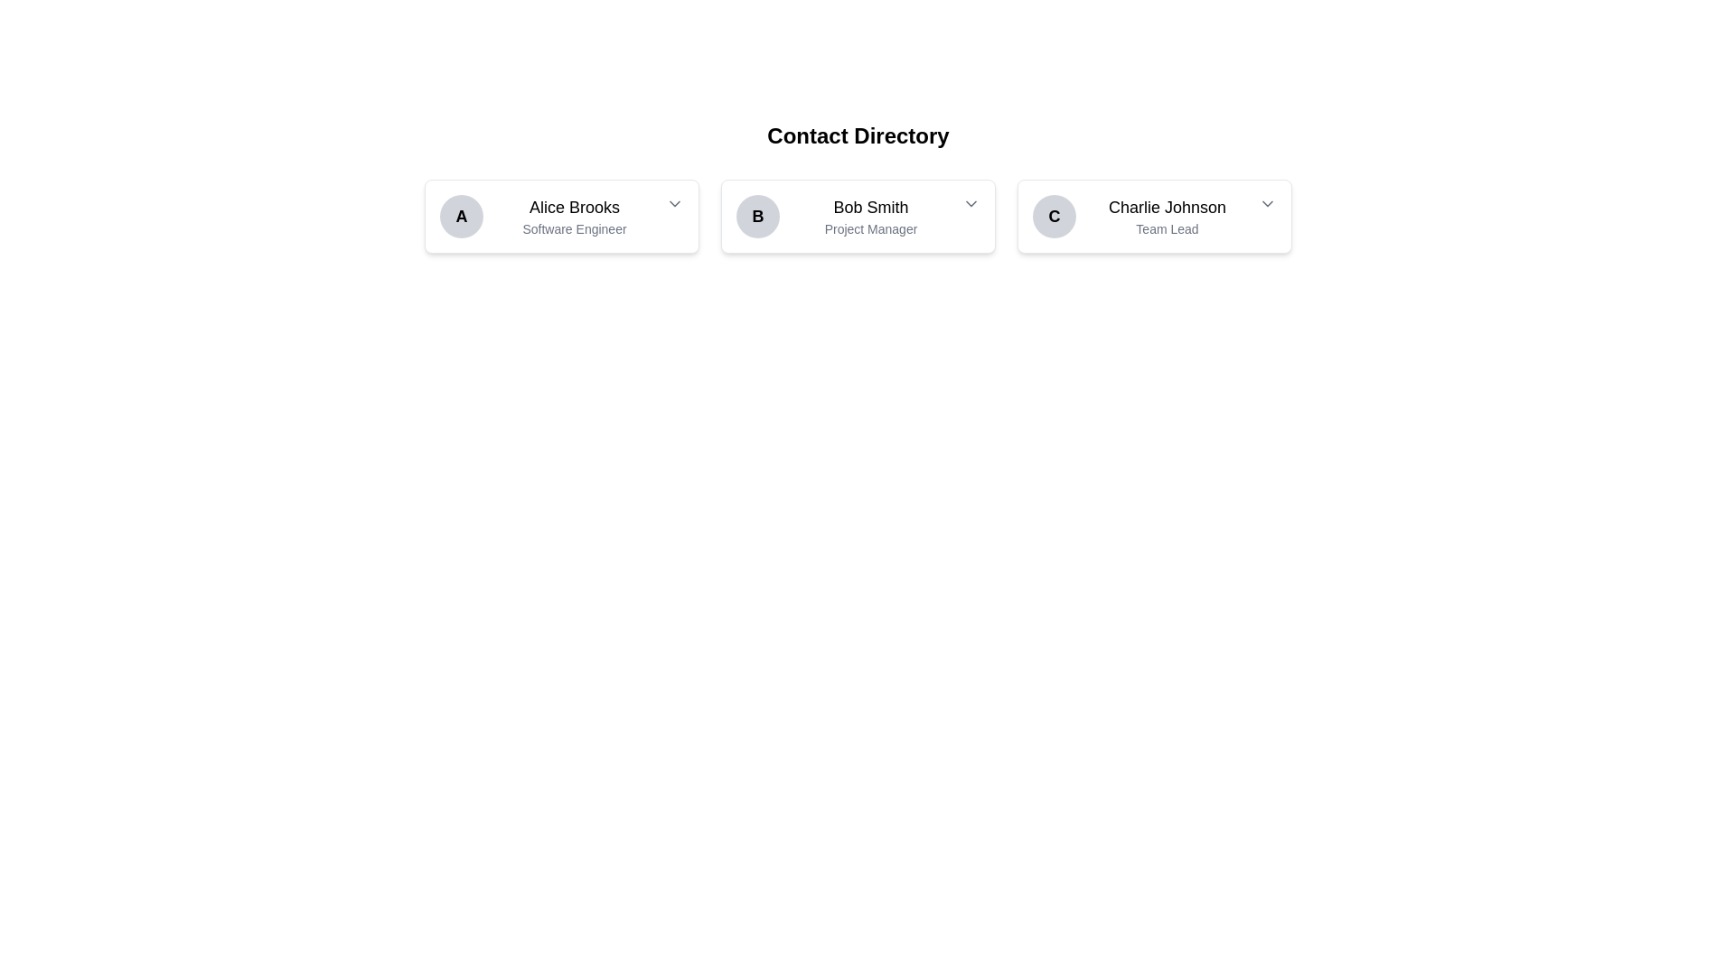 Image resolution: width=1735 pixels, height=975 pixels. What do you see at coordinates (573, 207) in the screenshot?
I see `the text label displaying 'Alice Brooks' which is styled in black and is positioned above the job title 'Software Engineer' within the first card of a horizontal grid` at bounding box center [573, 207].